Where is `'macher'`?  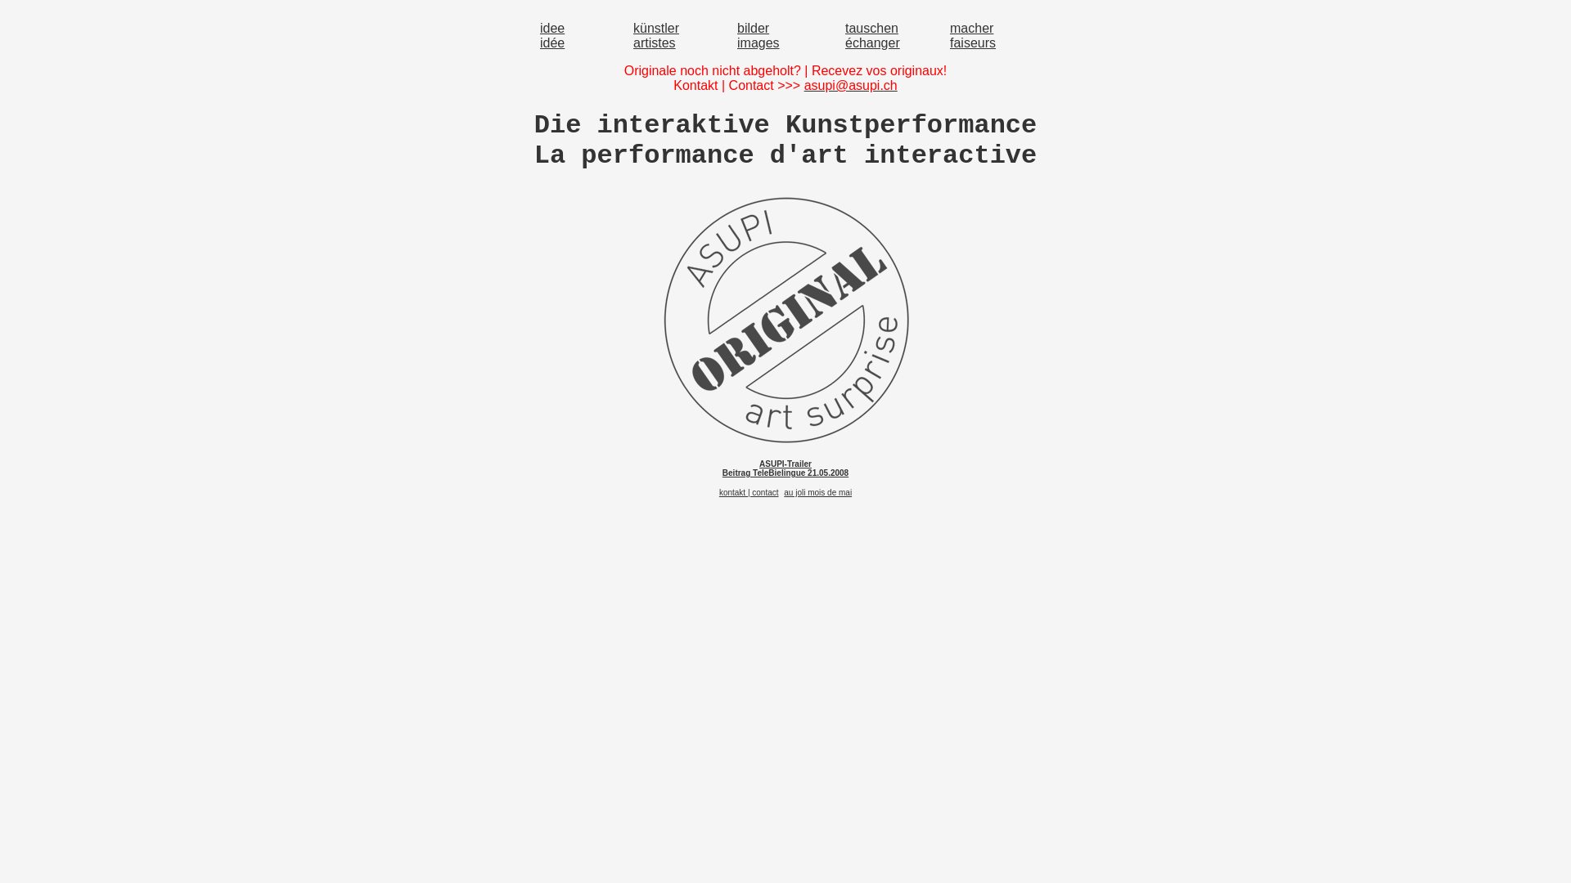 'macher' is located at coordinates (971, 28).